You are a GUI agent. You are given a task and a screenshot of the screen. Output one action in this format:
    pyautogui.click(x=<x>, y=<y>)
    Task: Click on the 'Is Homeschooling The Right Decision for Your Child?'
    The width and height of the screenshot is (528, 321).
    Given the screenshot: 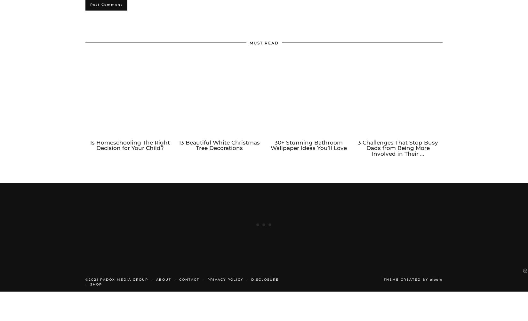 What is the action you would take?
    pyautogui.click(x=90, y=151)
    